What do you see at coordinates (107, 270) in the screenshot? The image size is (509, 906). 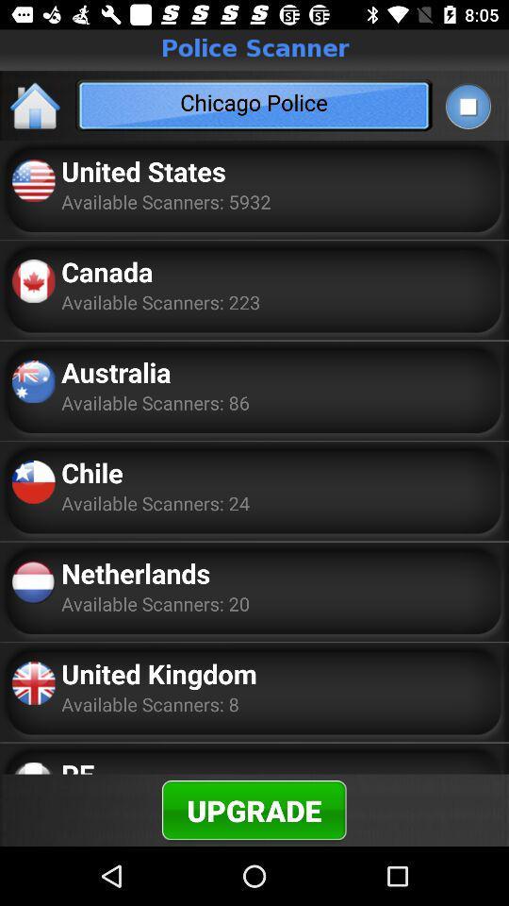 I see `item below available scanners: 5932 item` at bounding box center [107, 270].